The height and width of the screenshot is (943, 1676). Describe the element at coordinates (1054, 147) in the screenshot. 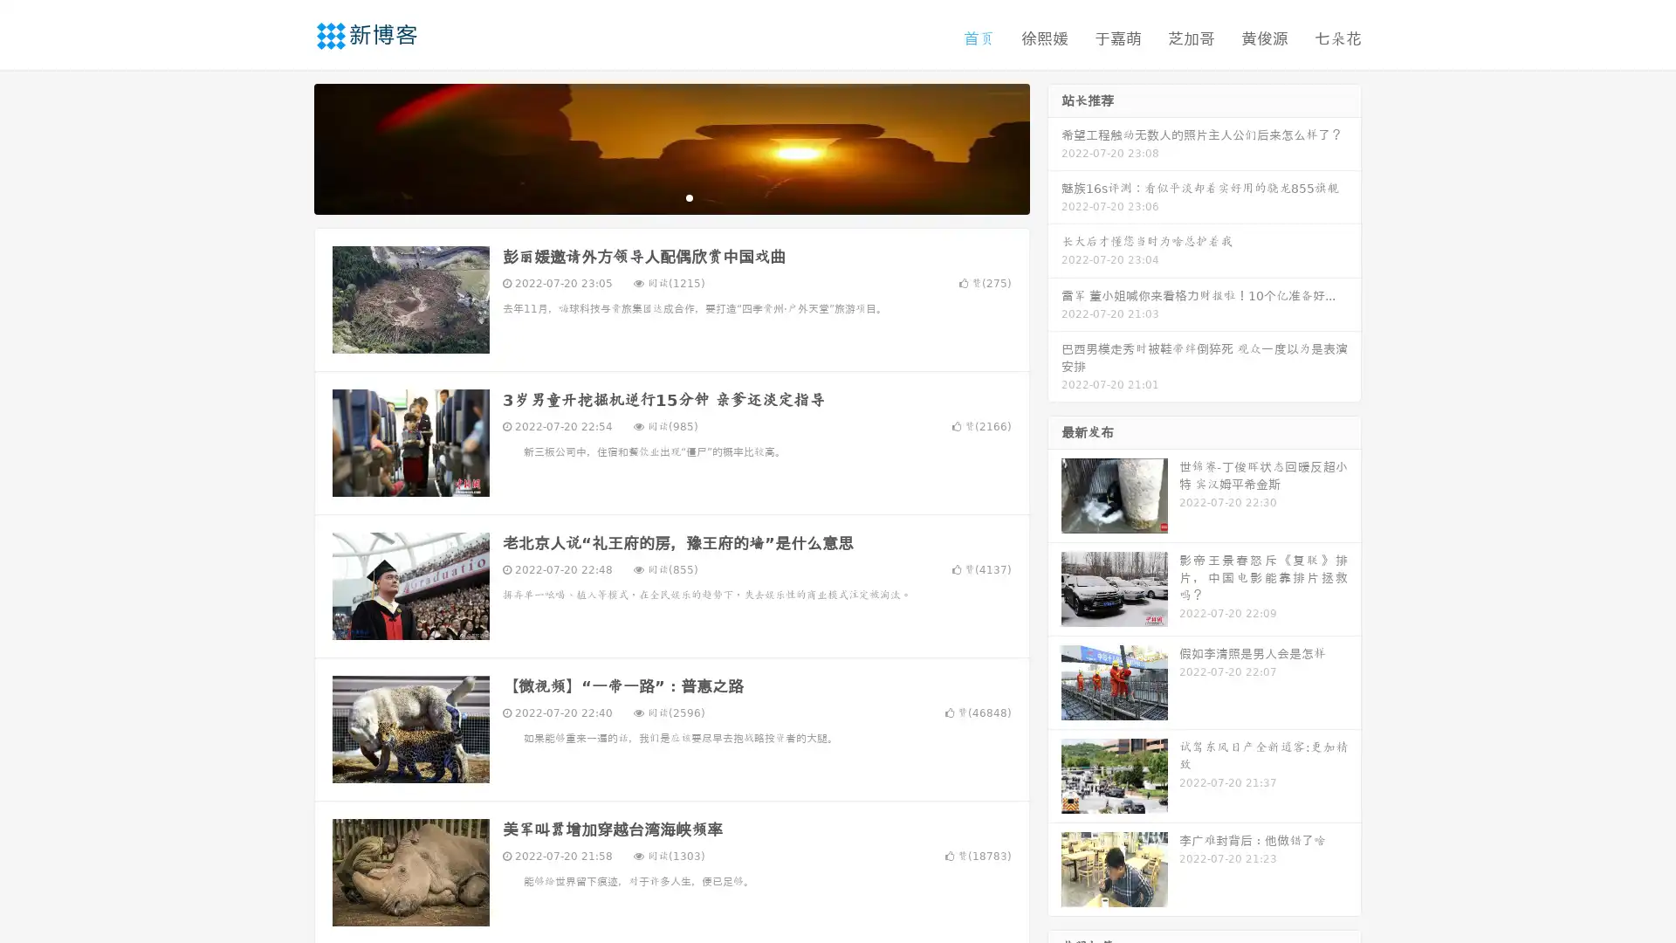

I see `Next slide` at that location.